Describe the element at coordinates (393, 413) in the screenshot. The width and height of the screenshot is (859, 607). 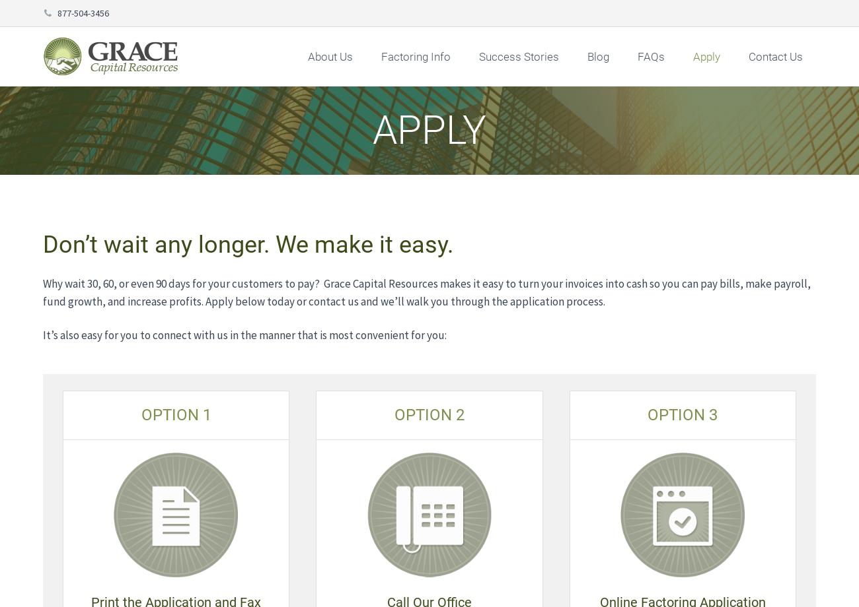
I see `'OPTION 2'` at that location.